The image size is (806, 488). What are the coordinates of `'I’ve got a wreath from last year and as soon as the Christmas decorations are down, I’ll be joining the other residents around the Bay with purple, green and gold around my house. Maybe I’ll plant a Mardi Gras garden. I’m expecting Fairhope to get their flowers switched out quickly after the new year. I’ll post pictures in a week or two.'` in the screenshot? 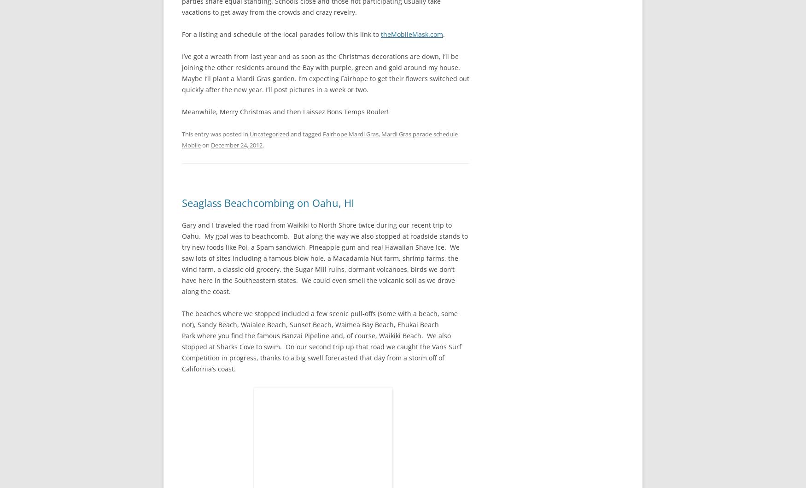 It's located at (326, 72).